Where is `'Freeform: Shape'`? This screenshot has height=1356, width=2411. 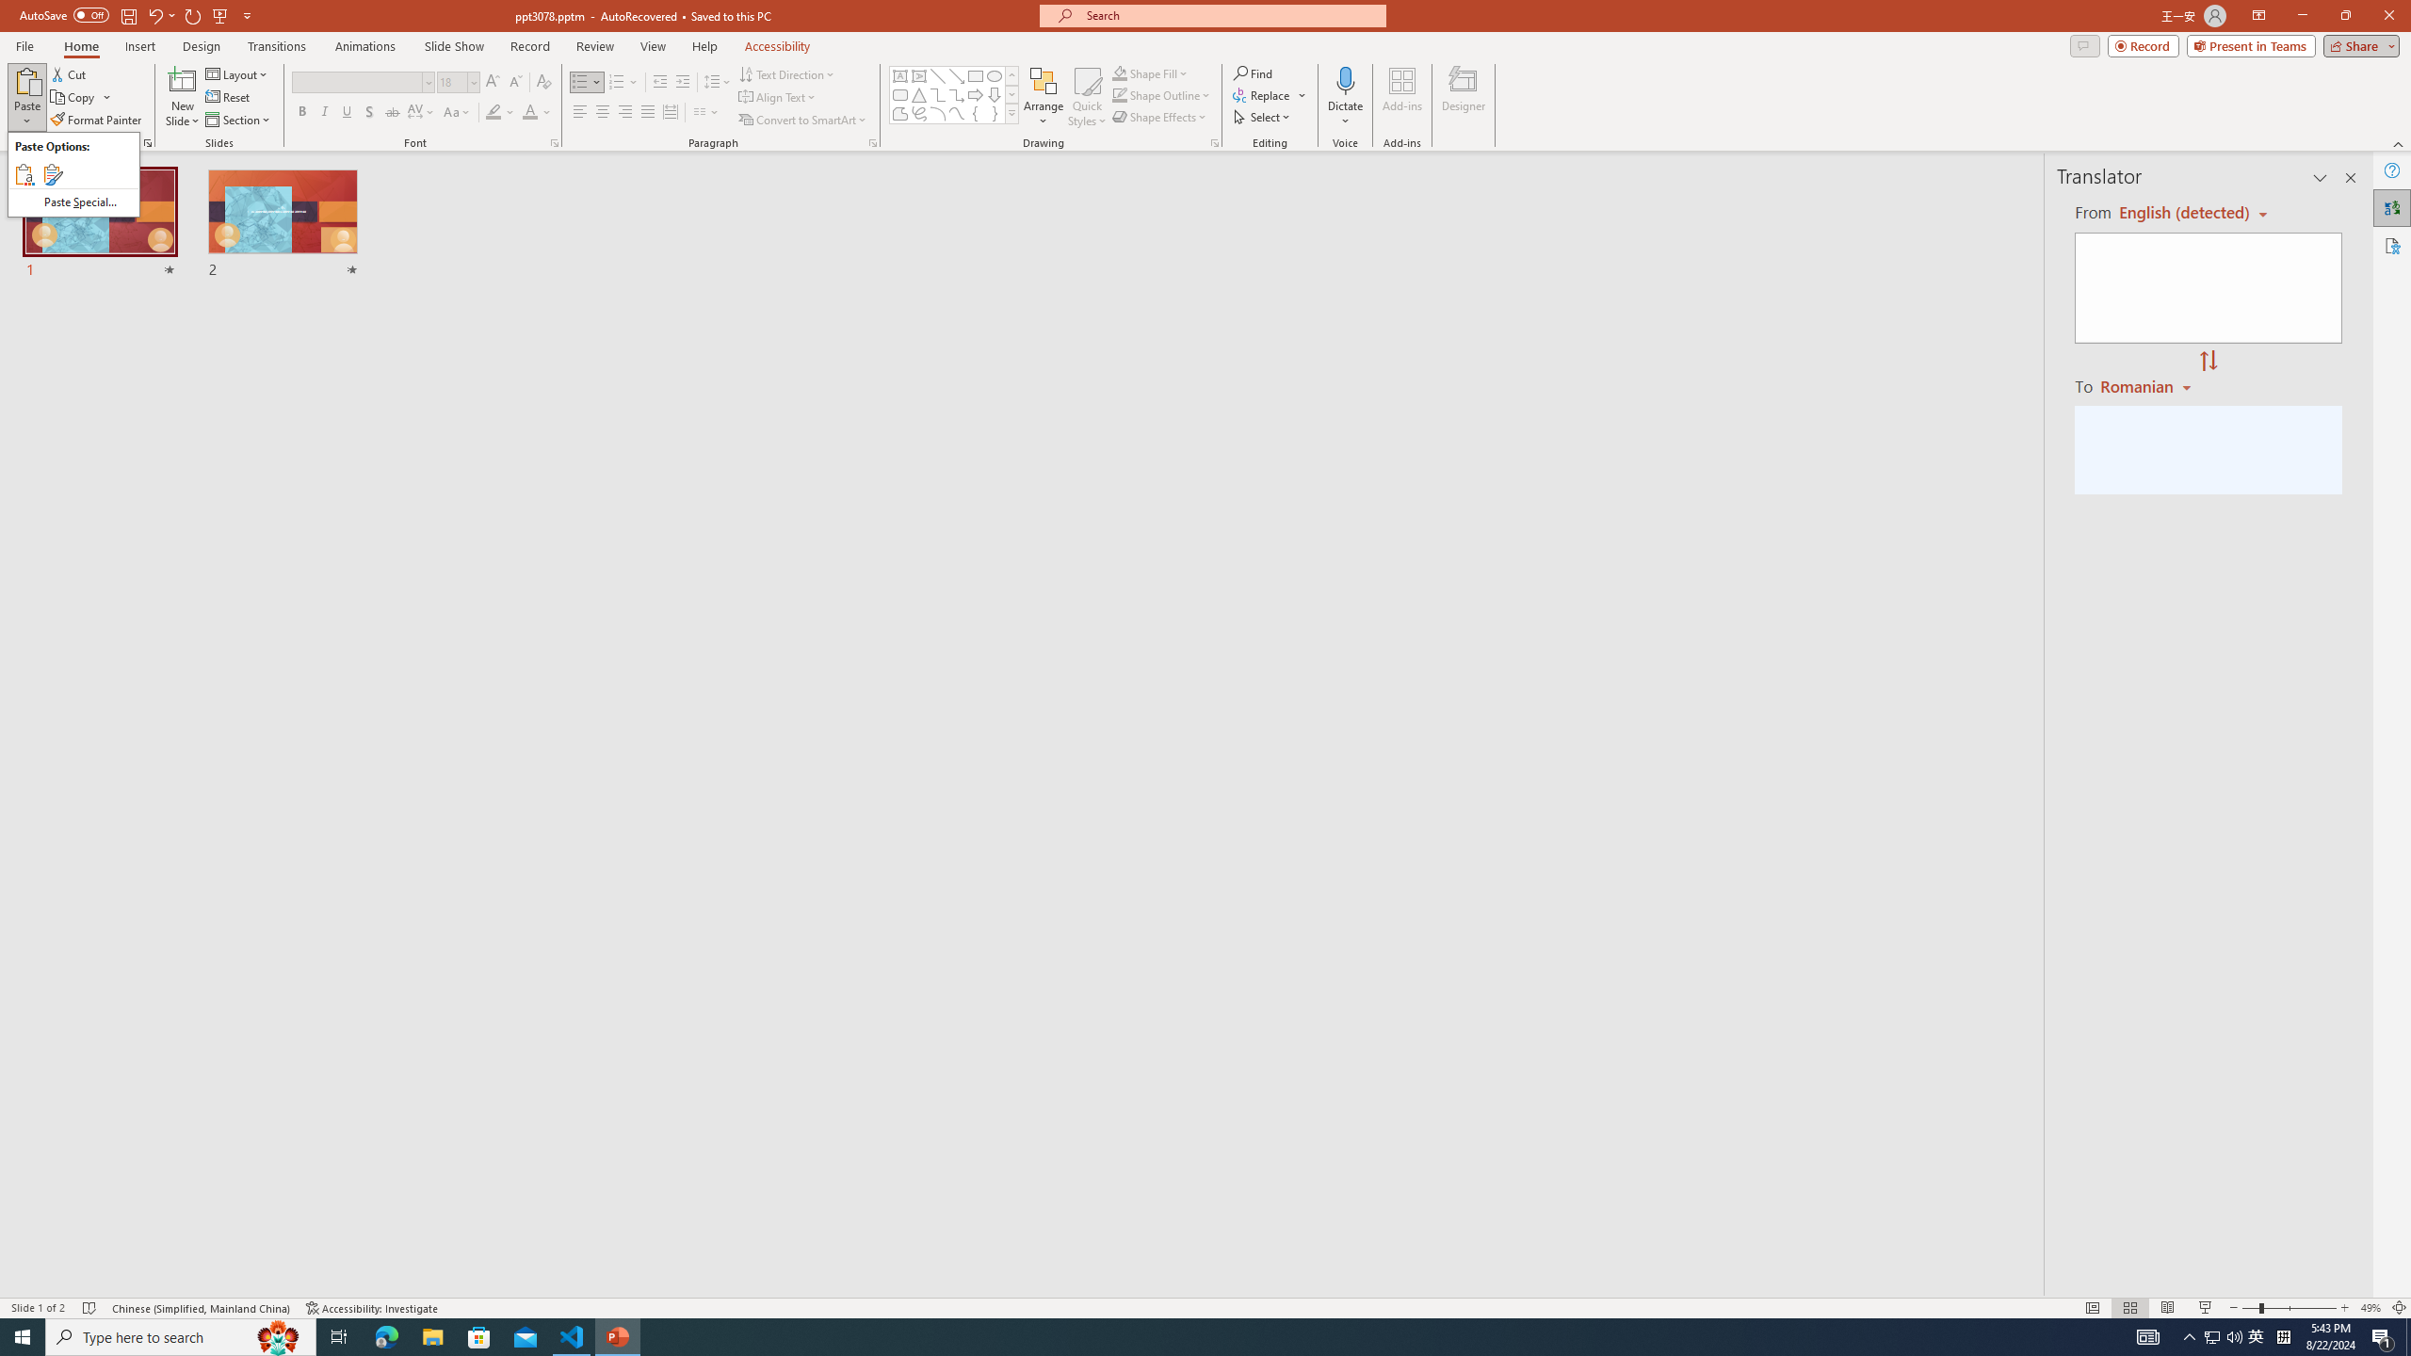
'Freeform: Shape' is located at coordinates (899, 112).